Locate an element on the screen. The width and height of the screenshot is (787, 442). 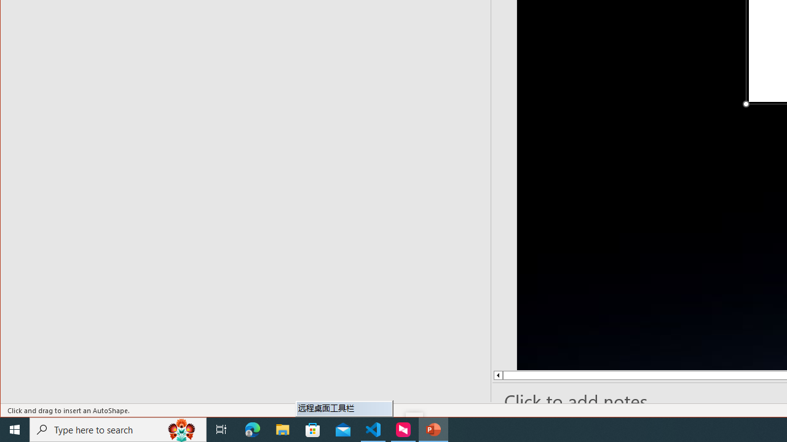
'Microsoft Store' is located at coordinates (313, 428).